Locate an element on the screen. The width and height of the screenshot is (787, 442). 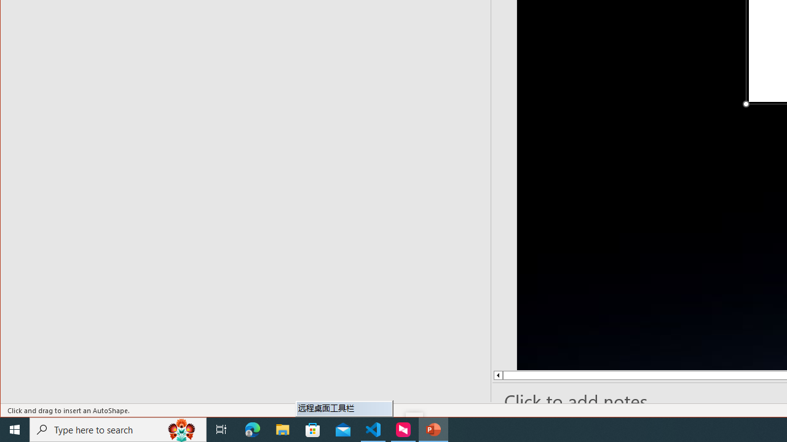
'Microsoft Store' is located at coordinates (313, 428).